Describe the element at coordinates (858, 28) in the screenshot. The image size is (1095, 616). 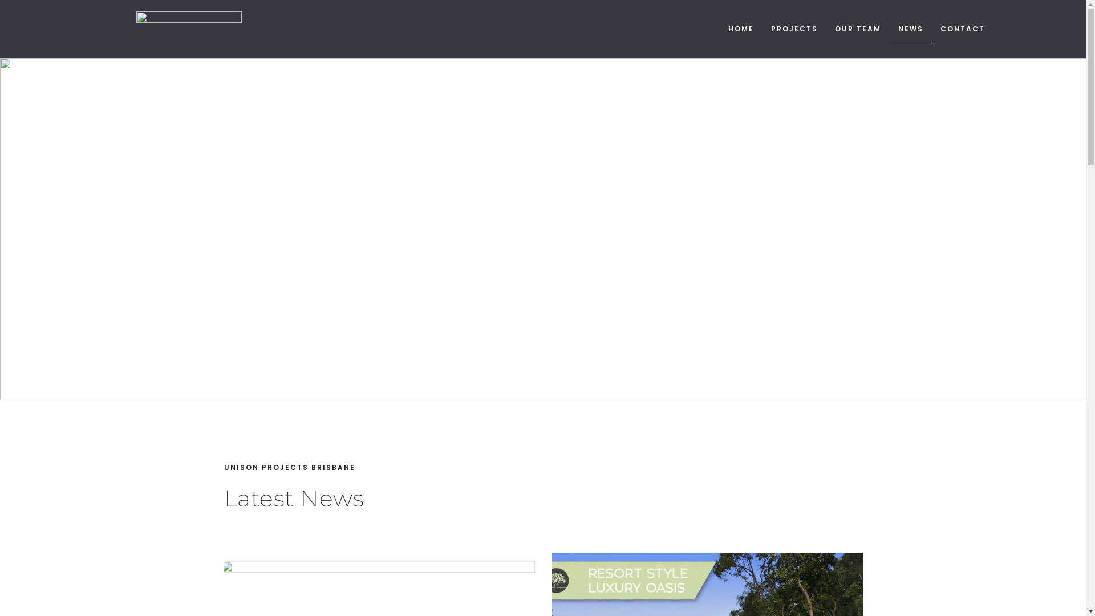
I see `'OUR TEAM'` at that location.